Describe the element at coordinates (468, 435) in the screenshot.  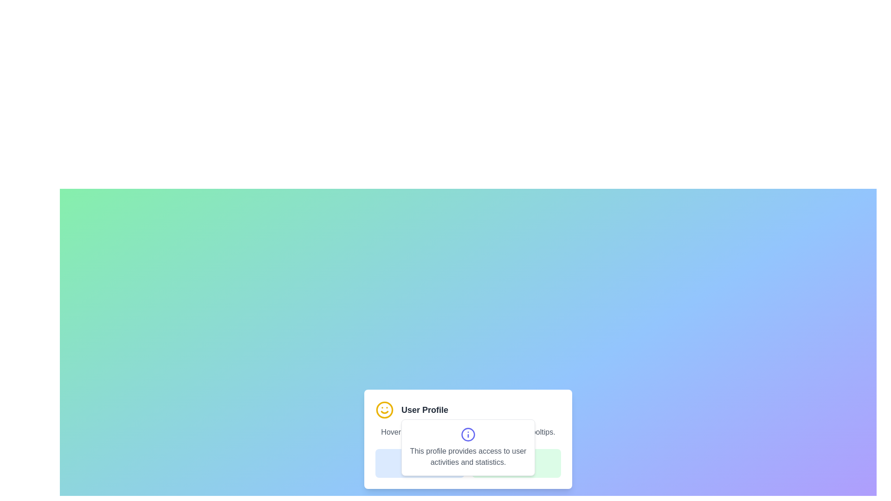
I see `the information icon located above the descriptive text 'This profile provides access to user activities and statistics.' in the pop-up element` at that location.